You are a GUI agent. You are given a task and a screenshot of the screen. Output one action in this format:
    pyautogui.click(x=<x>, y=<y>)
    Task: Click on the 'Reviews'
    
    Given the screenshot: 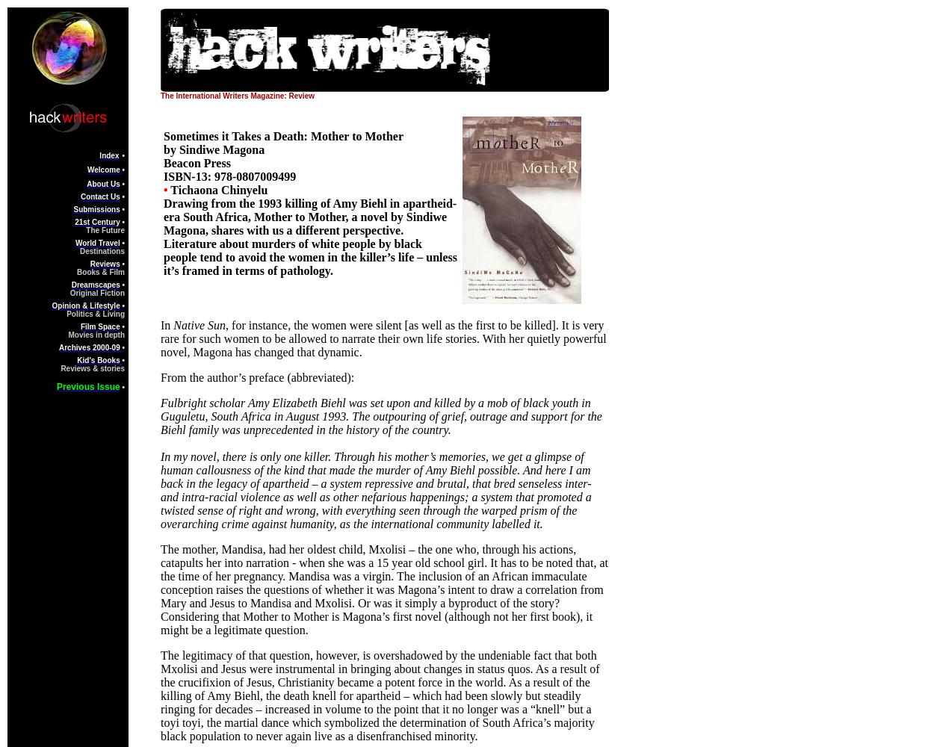 What is the action you would take?
    pyautogui.click(x=89, y=263)
    